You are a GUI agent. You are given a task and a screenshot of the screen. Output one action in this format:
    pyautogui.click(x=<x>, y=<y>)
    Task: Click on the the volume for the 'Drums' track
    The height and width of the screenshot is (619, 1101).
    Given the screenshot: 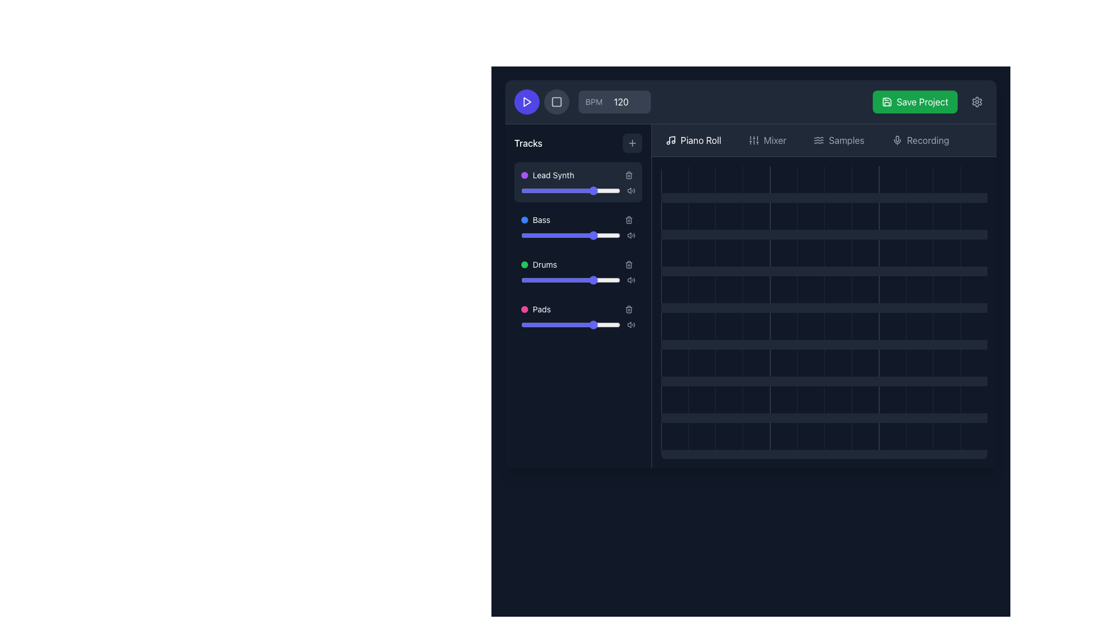 What is the action you would take?
    pyautogui.click(x=588, y=265)
    